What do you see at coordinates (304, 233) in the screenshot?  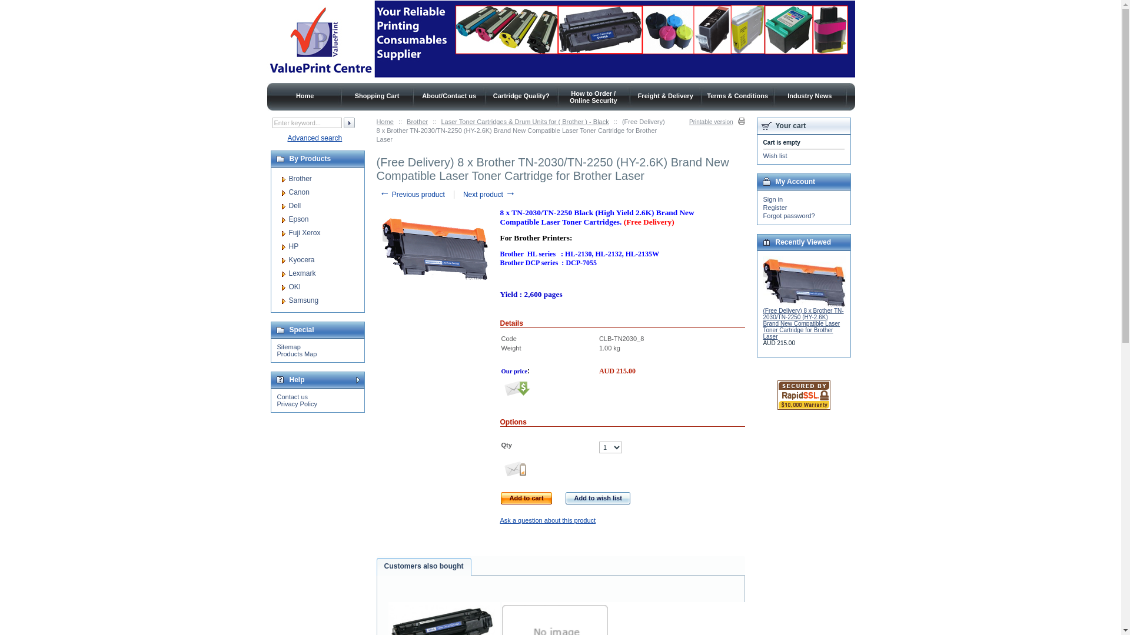 I see `'Fuji Xerox'` at bounding box center [304, 233].